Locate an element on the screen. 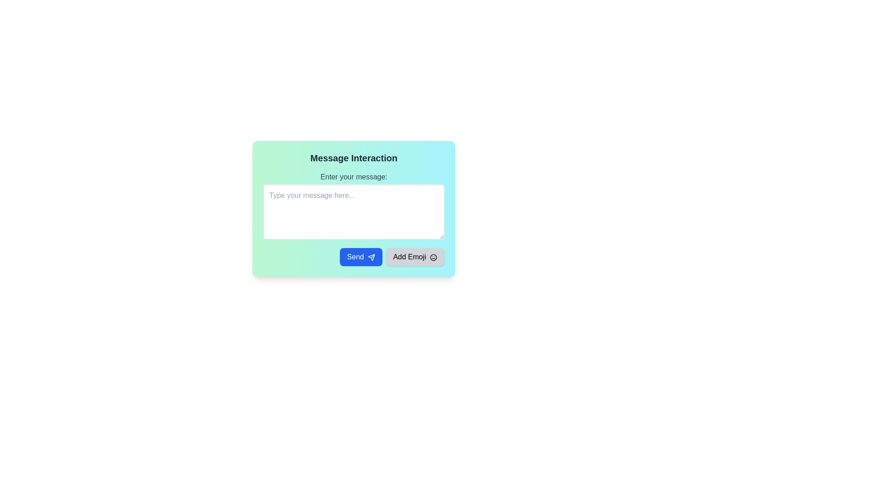 The width and height of the screenshot is (869, 488). the 'Send' button which contains a paper airplane icon, located to the right of the text label 'Send' is located at coordinates (371, 257).